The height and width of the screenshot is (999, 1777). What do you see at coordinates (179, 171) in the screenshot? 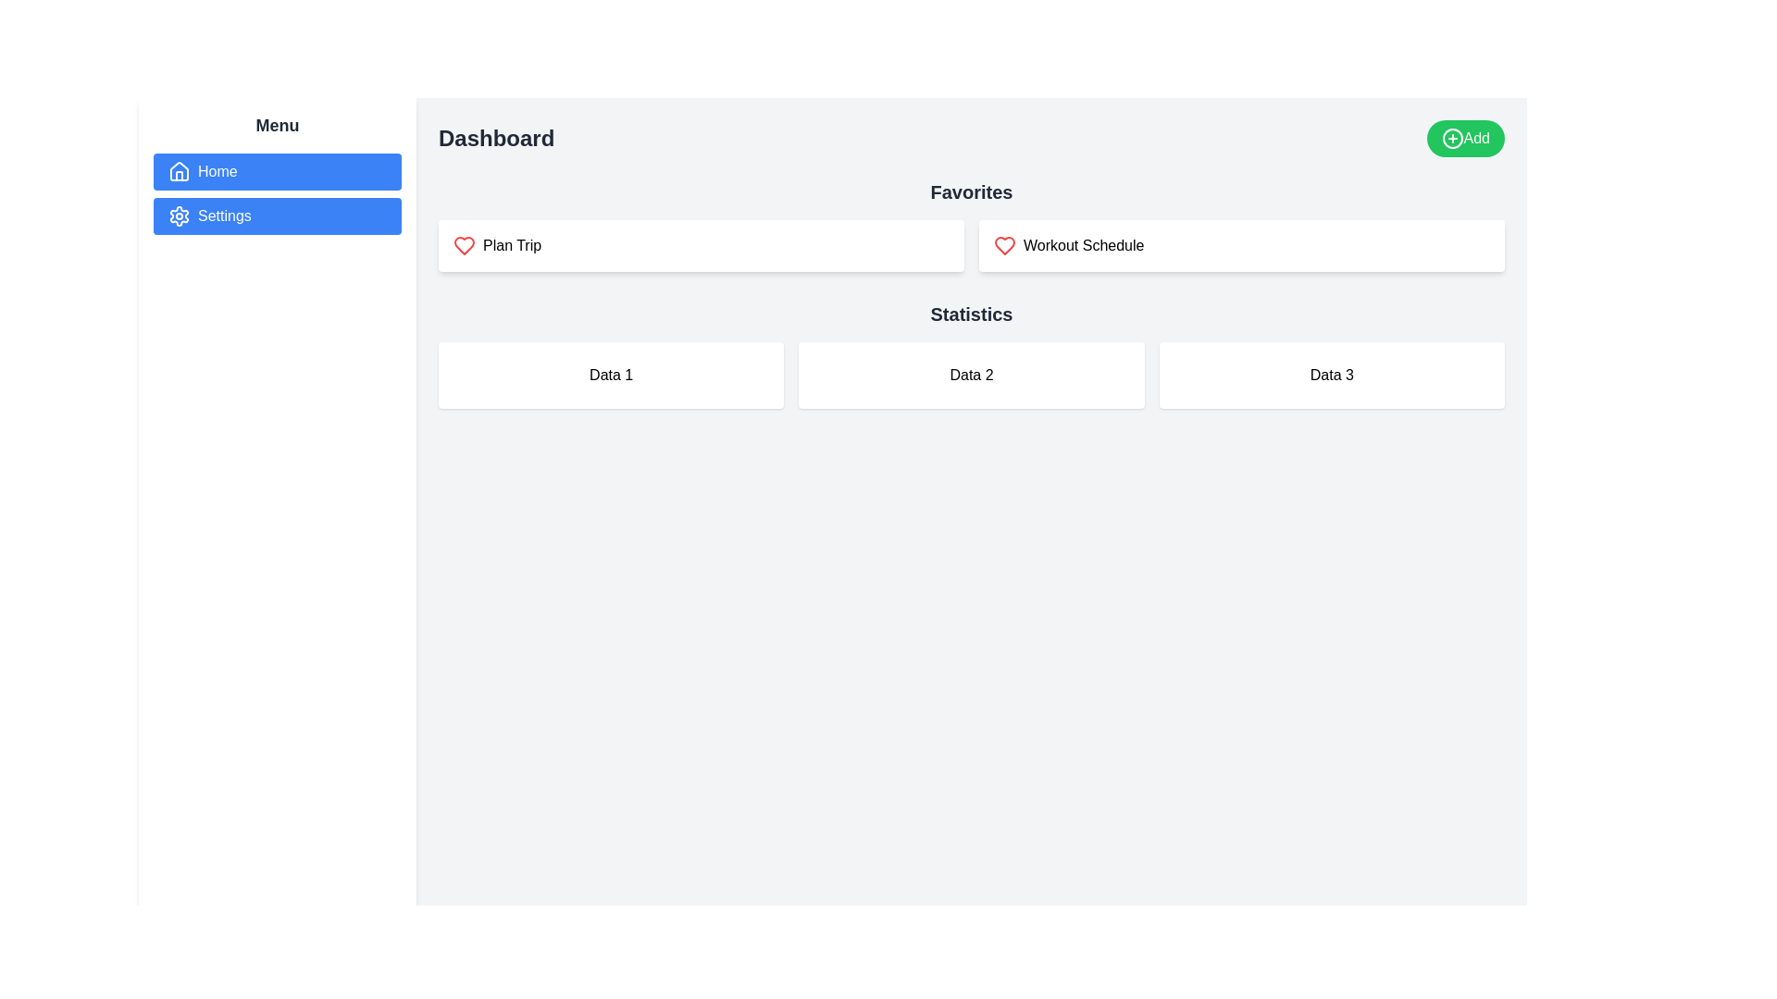
I see `the house icon within the blue 'Home' button in the navigation menu` at bounding box center [179, 171].